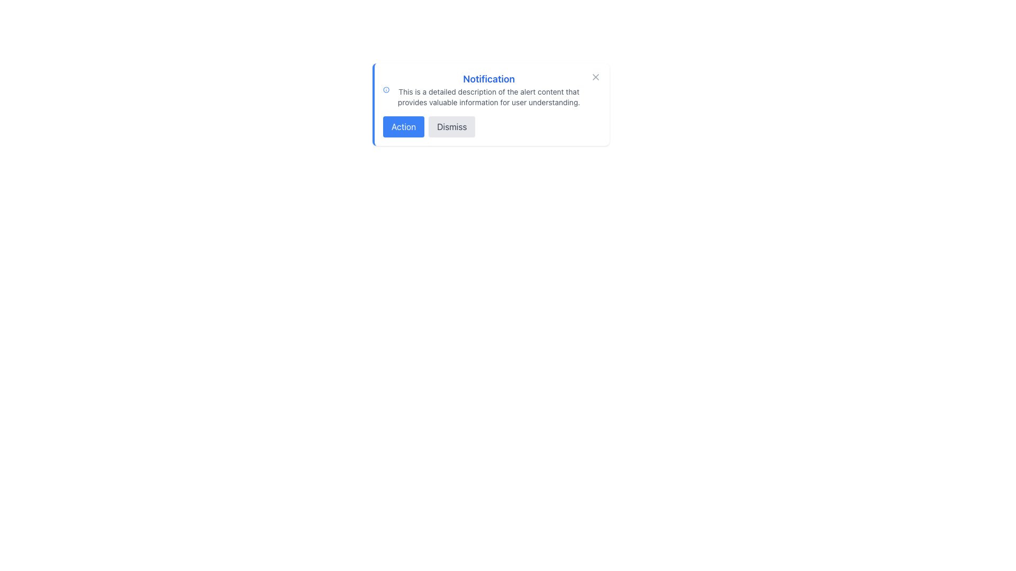  Describe the element at coordinates (596, 77) in the screenshot. I see `the close button located at the top-right corner of the notification alert box to change its color` at that location.